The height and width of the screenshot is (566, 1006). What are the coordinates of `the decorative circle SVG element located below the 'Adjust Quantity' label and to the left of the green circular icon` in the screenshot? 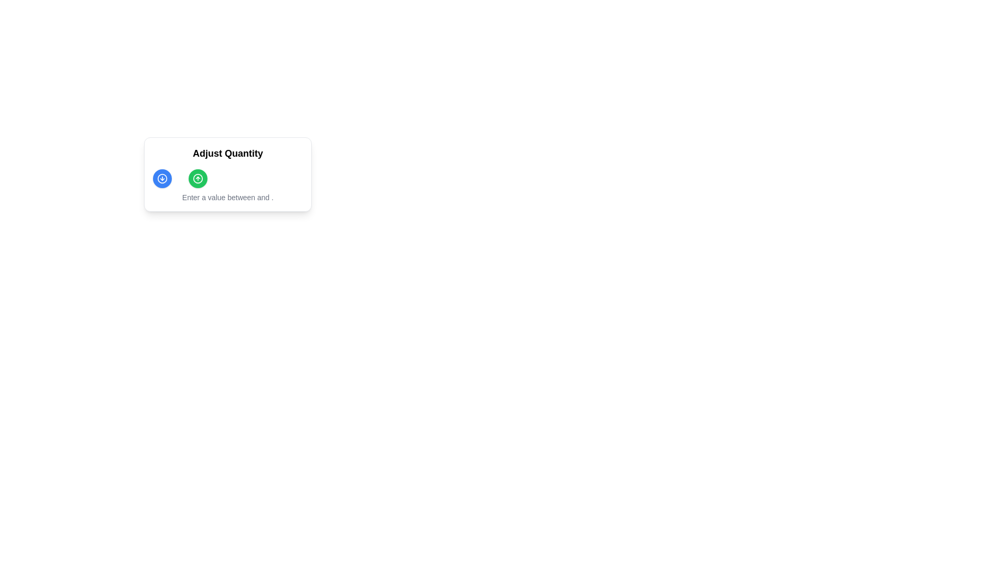 It's located at (162, 178).